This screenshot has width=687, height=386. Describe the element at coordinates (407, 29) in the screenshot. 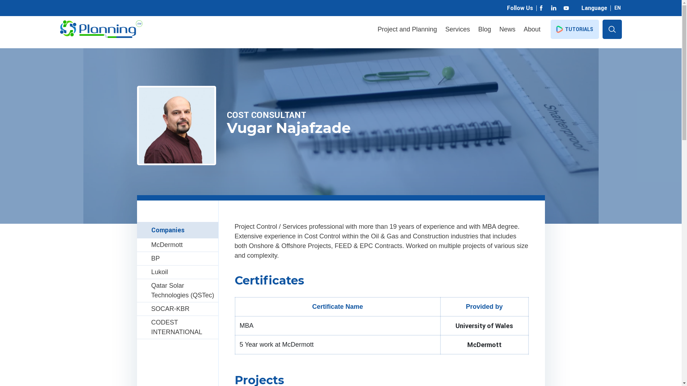

I see `'Project and Planning'` at that location.